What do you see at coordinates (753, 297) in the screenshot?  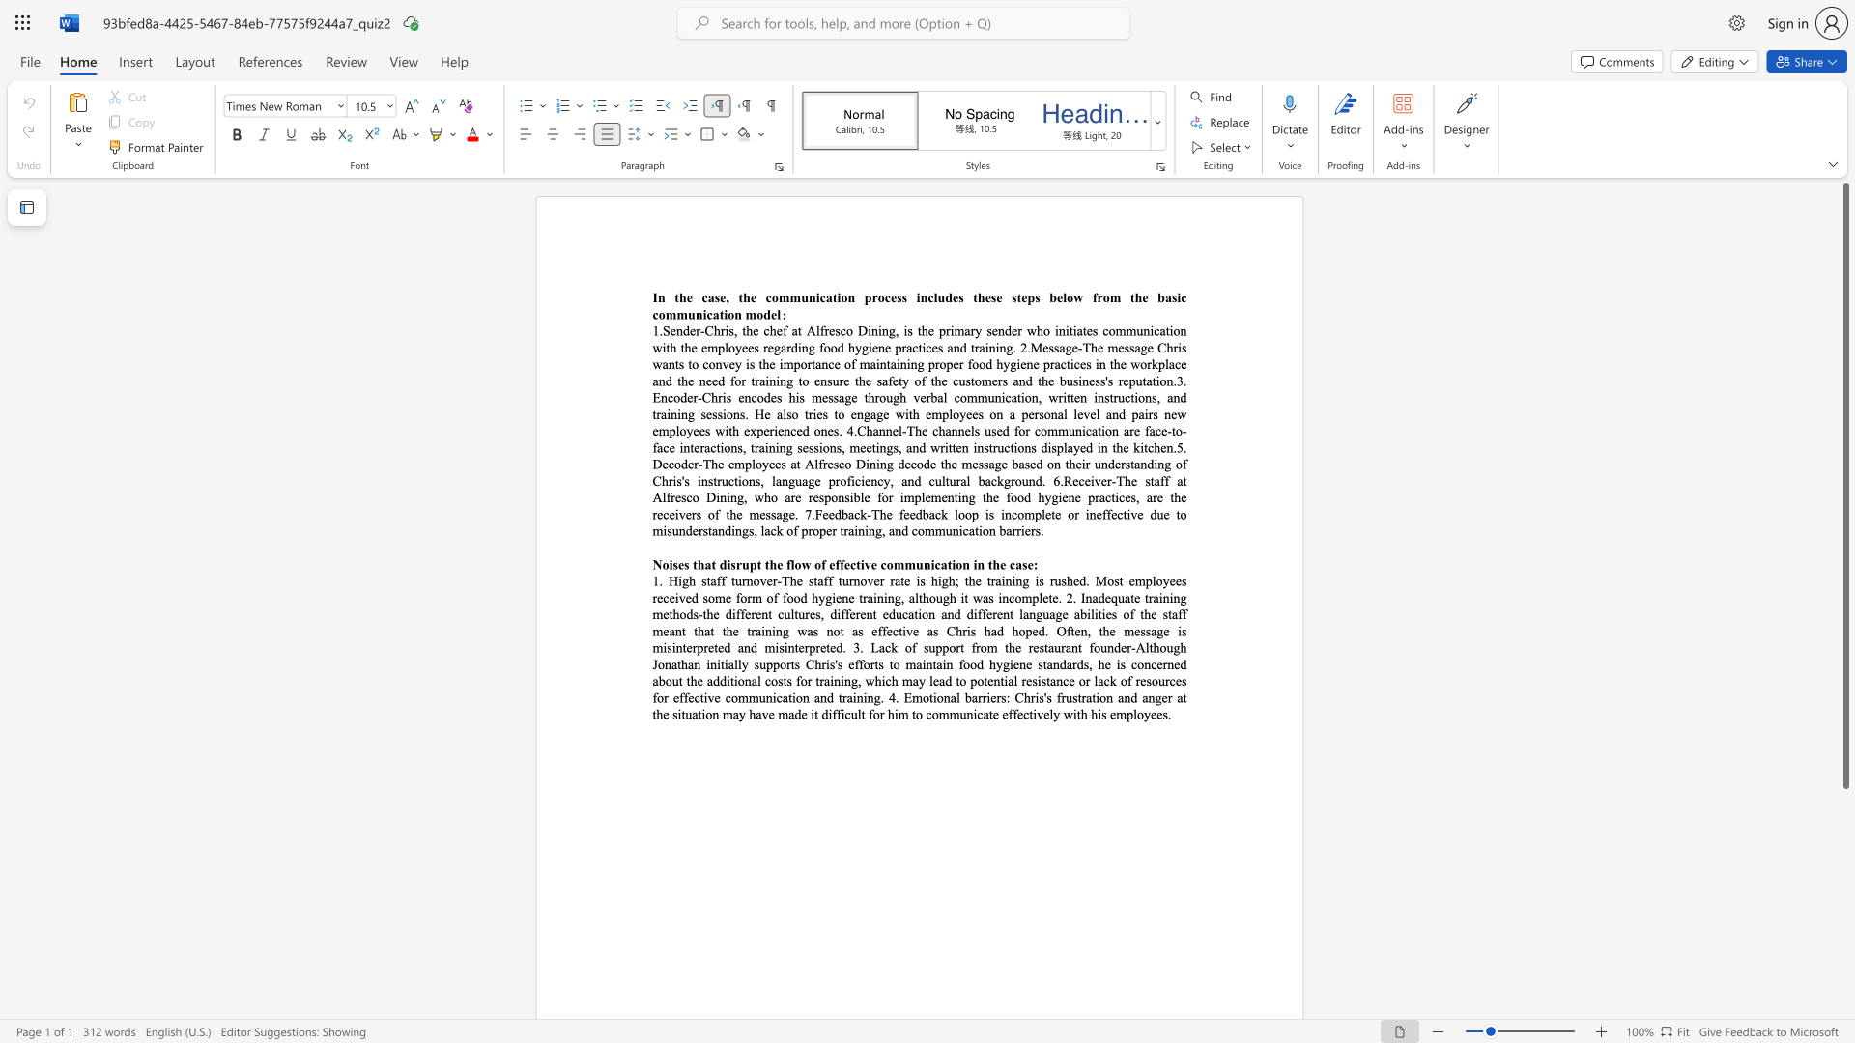 I see `the 3th character "e" in the text` at bounding box center [753, 297].